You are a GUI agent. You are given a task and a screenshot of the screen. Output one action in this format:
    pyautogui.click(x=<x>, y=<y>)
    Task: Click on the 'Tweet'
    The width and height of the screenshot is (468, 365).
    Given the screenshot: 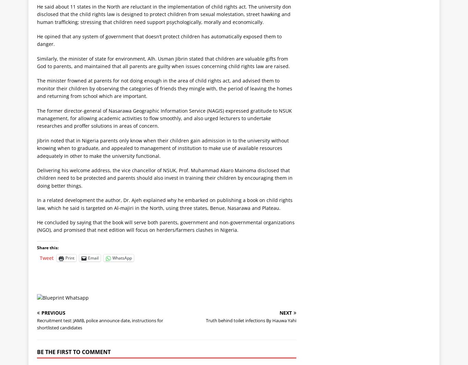 What is the action you would take?
    pyautogui.click(x=46, y=257)
    